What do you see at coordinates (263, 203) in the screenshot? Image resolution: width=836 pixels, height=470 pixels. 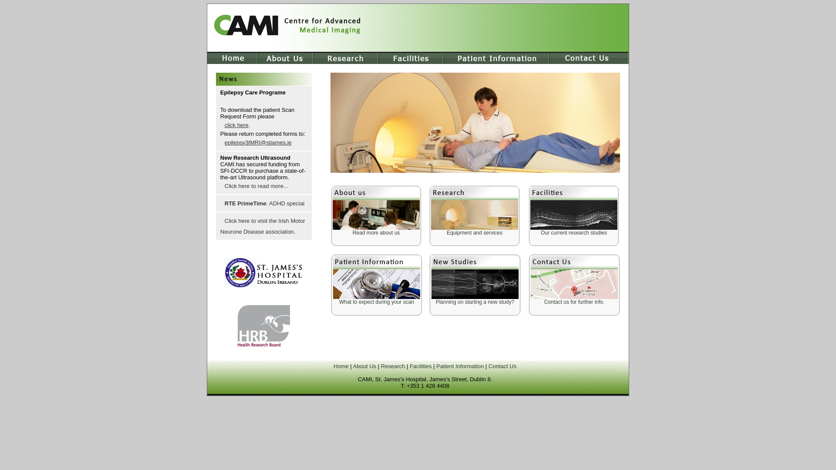 I see `'RTE PrimeTime: ADHD special'` at bounding box center [263, 203].